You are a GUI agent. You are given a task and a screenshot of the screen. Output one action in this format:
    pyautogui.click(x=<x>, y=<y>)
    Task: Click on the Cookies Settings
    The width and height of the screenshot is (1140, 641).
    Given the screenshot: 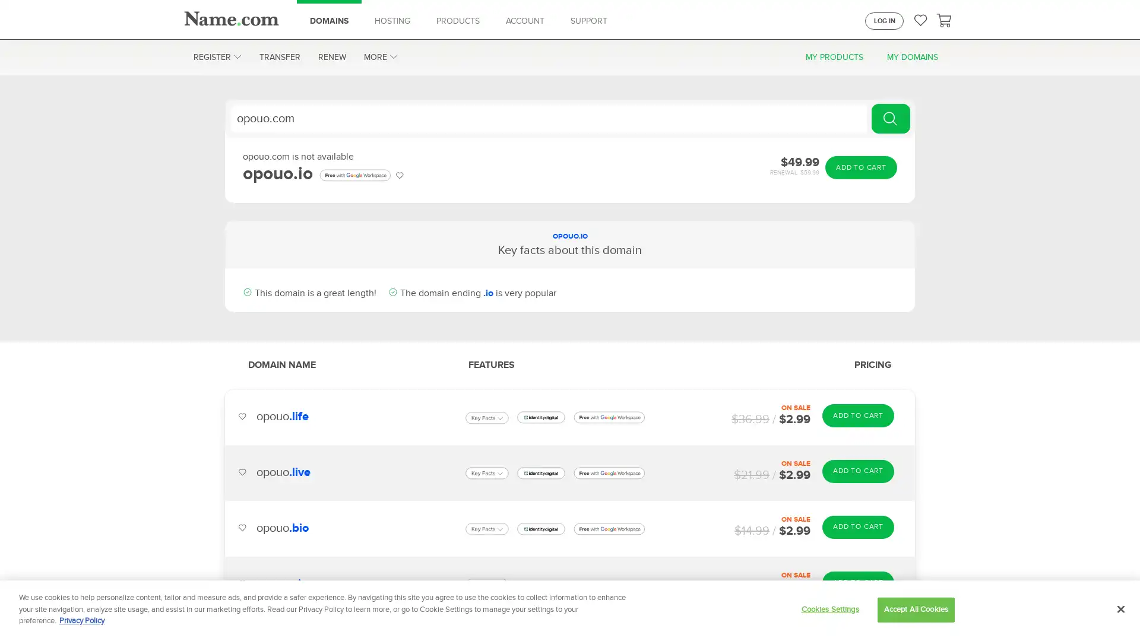 What is the action you would take?
    pyautogui.click(x=829, y=609)
    